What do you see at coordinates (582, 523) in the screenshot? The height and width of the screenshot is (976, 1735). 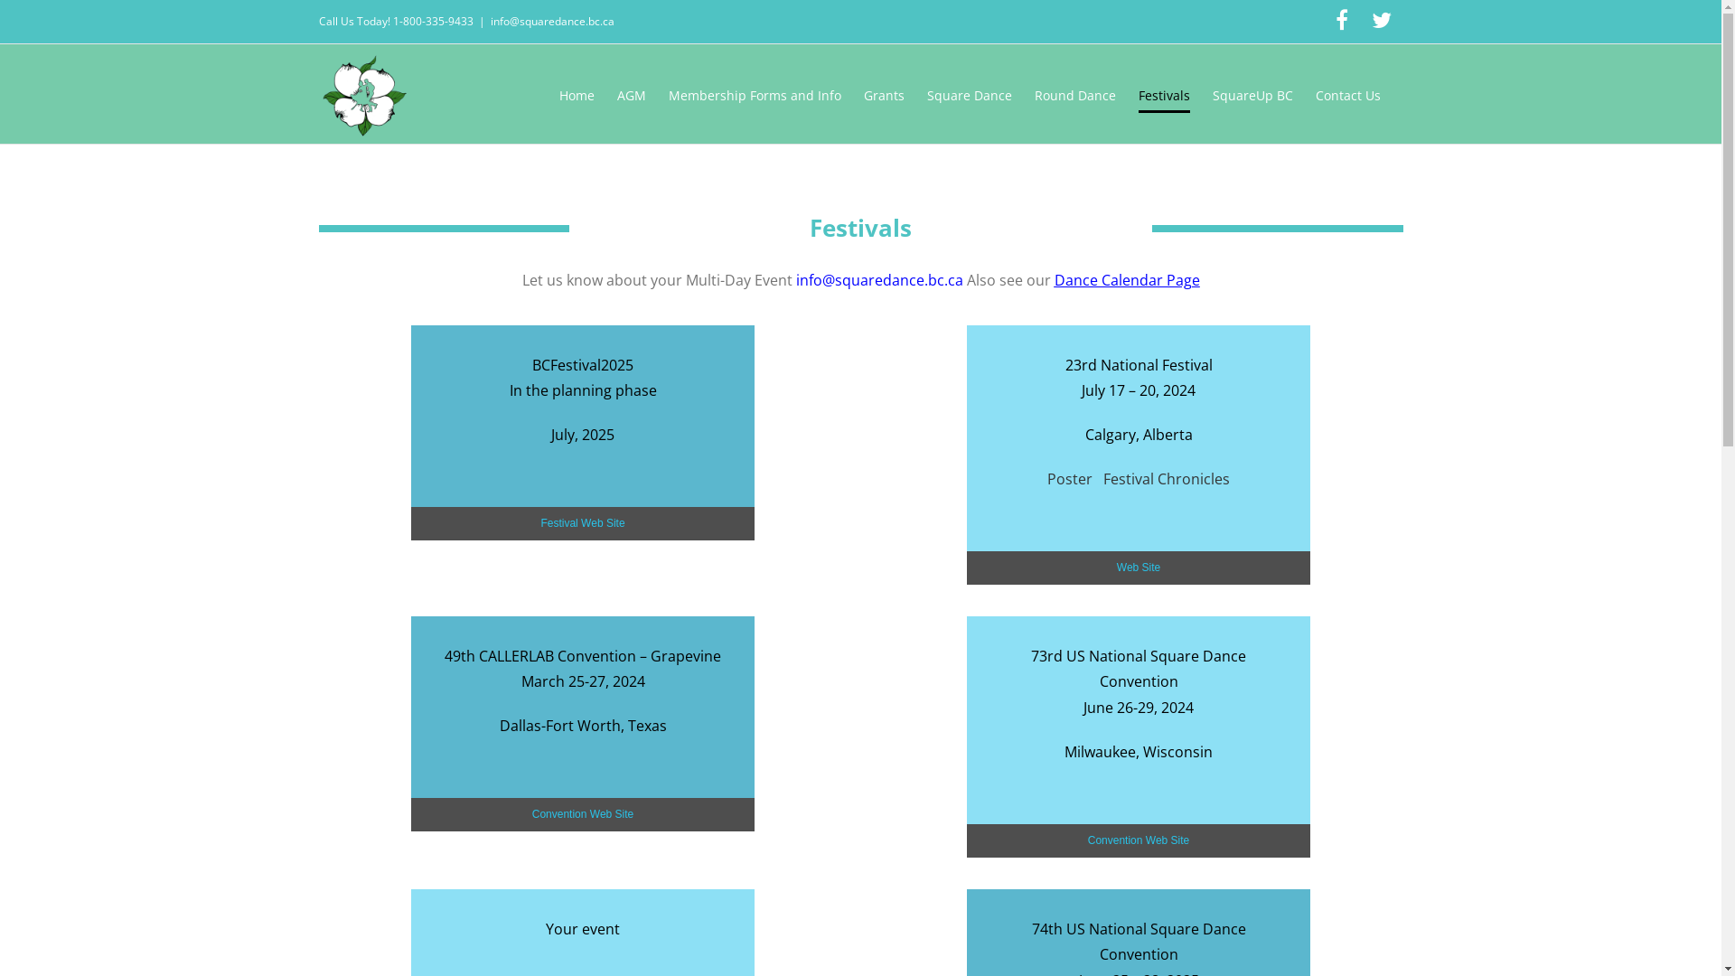 I see `'Festival Web Site'` at bounding box center [582, 523].